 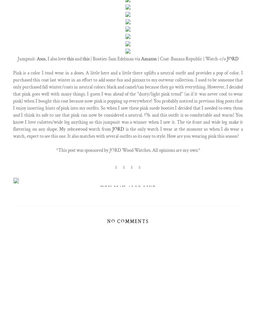 What do you see at coordinates (55, 58) in the screenshot?
I see `', I also love'` at bounding box center [55, 58].